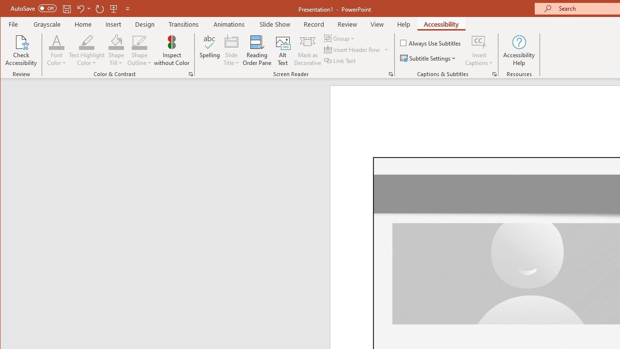 Image resolution: width=620 pixels, height=349 pixels. I want to click on 'Reading Order Pane', so click(257, 50).